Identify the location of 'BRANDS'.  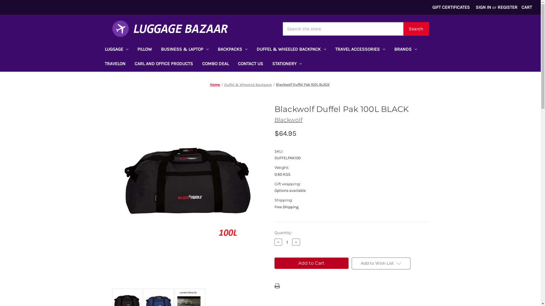
(389, 50).